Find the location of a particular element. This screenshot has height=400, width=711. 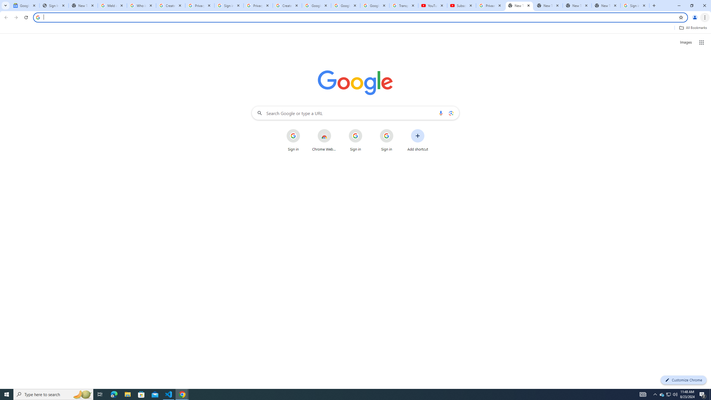

'Subscriptions - YouTube' is located at coordinates (461, 5).